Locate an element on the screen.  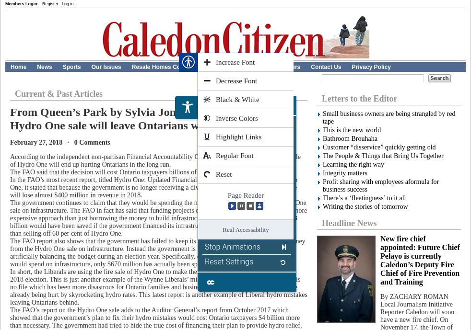
'Register' is located at coordinates (49, 3).